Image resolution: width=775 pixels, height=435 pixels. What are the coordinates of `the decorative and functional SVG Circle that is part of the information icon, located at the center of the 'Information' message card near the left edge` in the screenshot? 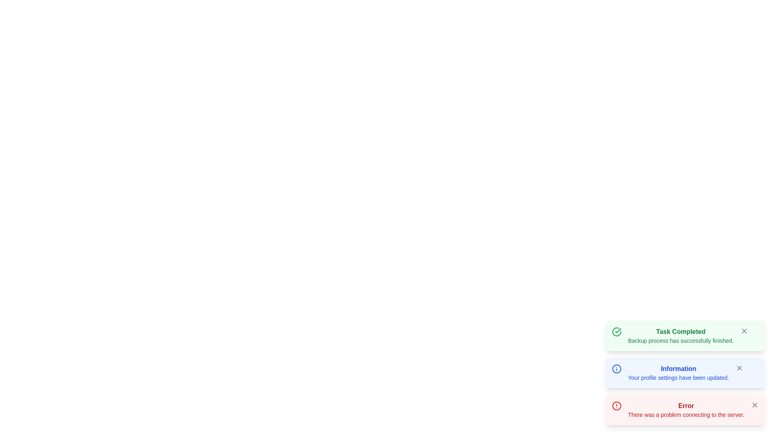 It's located at (616, 369).